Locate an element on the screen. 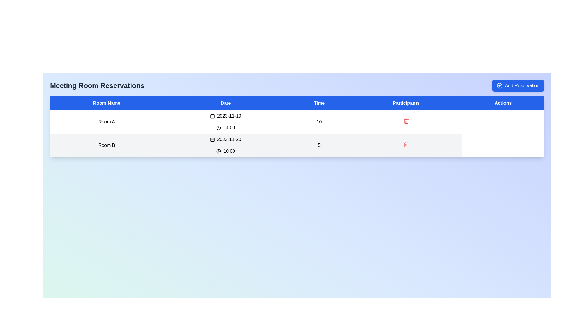  the decorative SVG circle that is part of the clock icon, located in the second row under the 'Date' column next to 'Room B' for the time '10:00' is located at coordinates (218, 151).